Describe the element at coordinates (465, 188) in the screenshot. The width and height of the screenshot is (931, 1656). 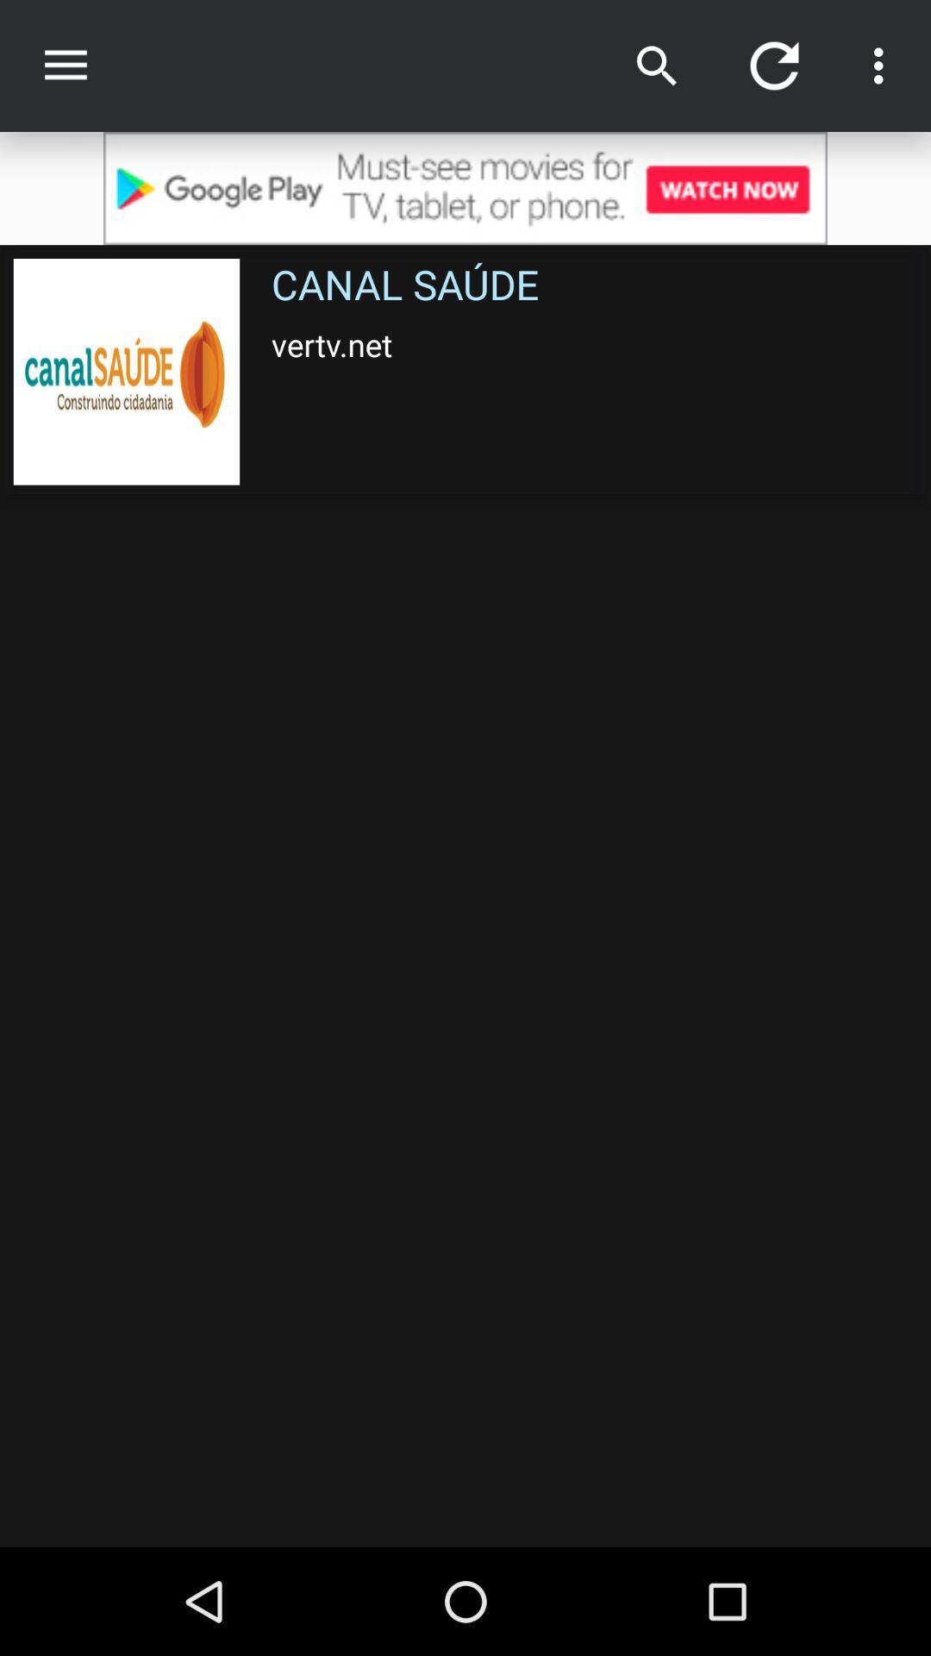
I see `this advertisement` at that location.